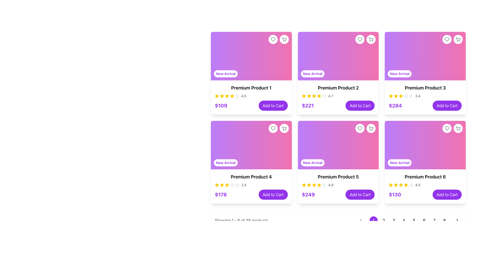 This screenshot has height=273, width=486. What do you see at coordinates (232, 185) in the screenshot?
I see `the fifth star icon in the 'Premium Product 4' card, which indicates a rating point that hasn't been awarded` at bounding box center [232, 185].